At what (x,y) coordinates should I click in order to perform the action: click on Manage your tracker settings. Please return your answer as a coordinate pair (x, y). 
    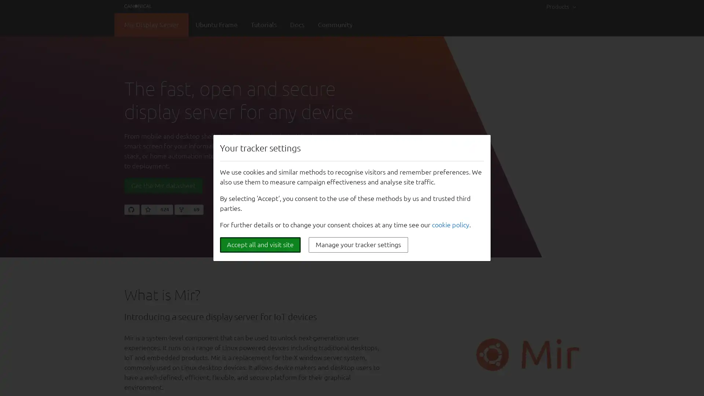
    Looking at the image, I should click on (358, 245).